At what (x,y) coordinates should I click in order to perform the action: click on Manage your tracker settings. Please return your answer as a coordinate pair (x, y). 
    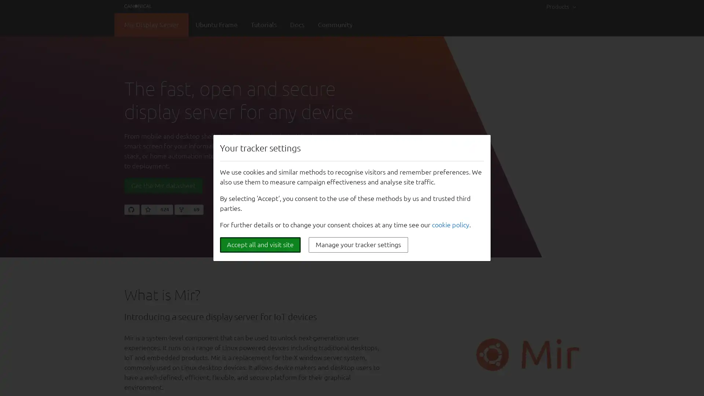
    Looking at the image, I should click on (358, 245).